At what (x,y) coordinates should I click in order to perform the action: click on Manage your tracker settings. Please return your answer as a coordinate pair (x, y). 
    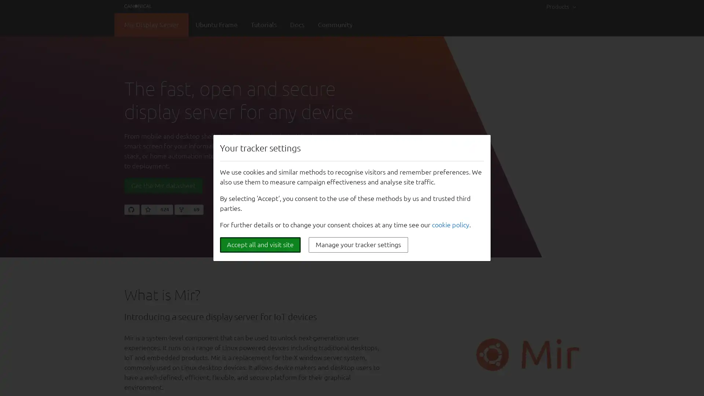
    Looking at the image, I should click on (358, 245).